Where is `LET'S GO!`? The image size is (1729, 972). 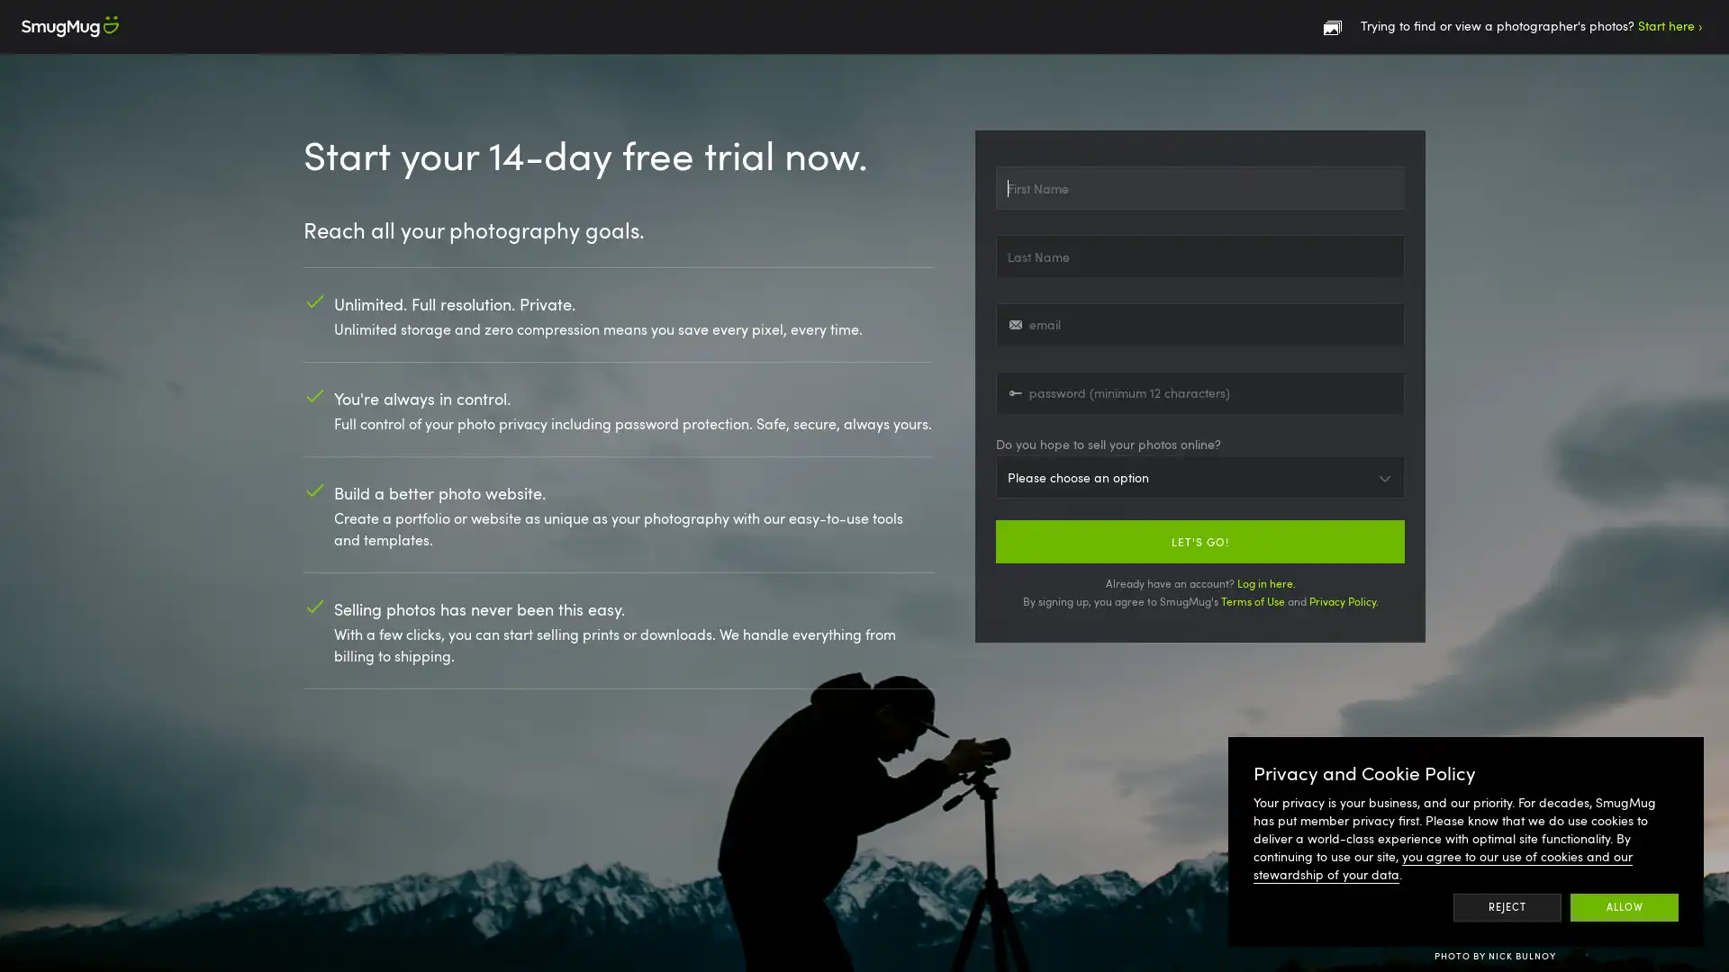
LET'S GO! is located at coordinates (1200, 540).